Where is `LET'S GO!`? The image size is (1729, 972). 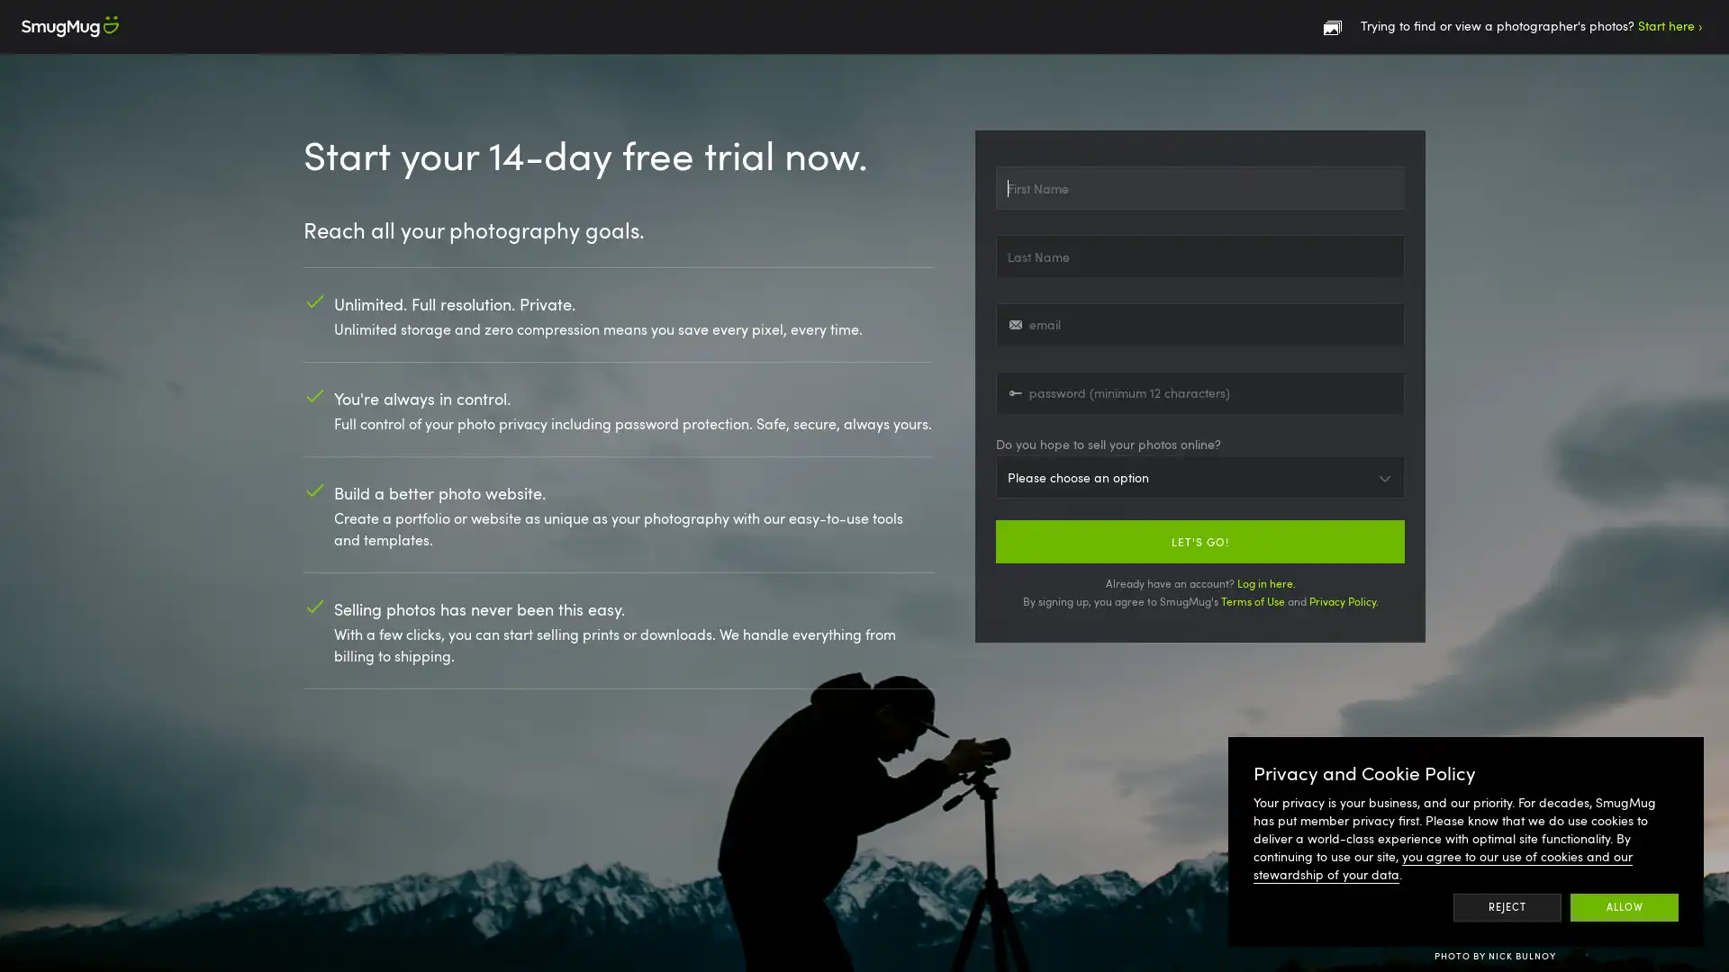
LET'S GO! is located at coordinates (1200, 540).